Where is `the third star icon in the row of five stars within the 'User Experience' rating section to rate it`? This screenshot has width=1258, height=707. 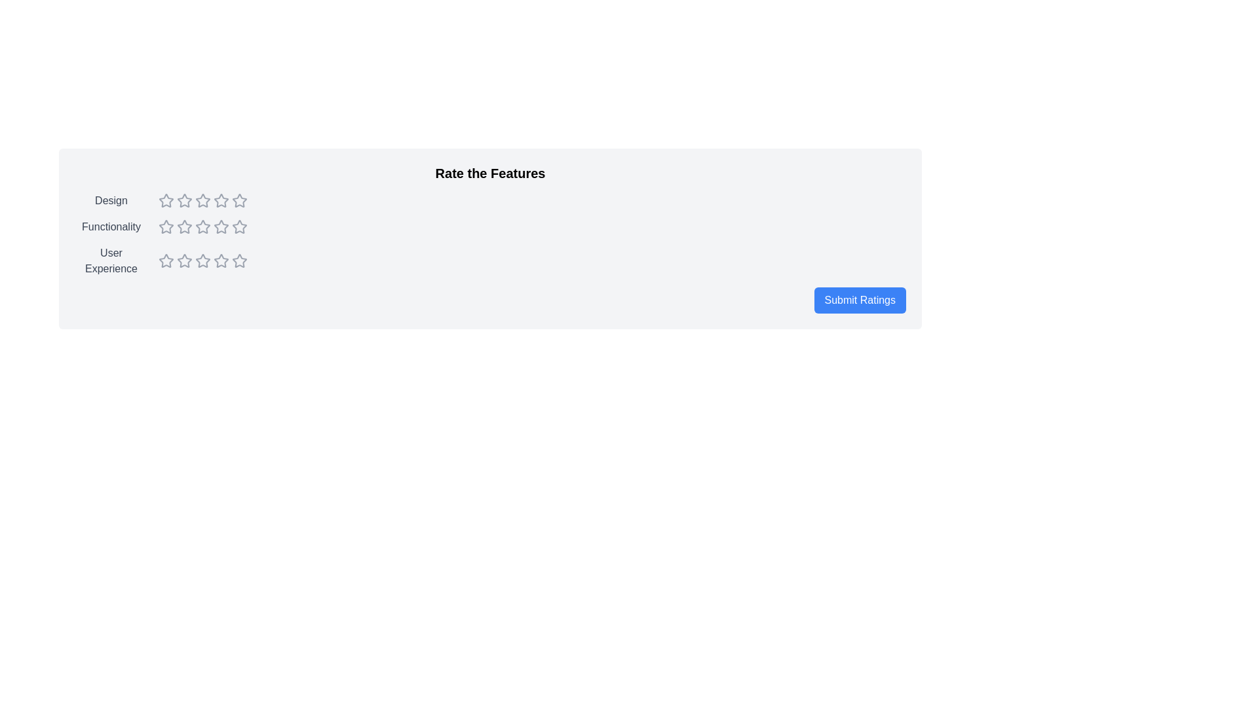 the third star icon in the row of five stars within the 'User Experience' rating section to rate it is located at coordinates (202, 261).